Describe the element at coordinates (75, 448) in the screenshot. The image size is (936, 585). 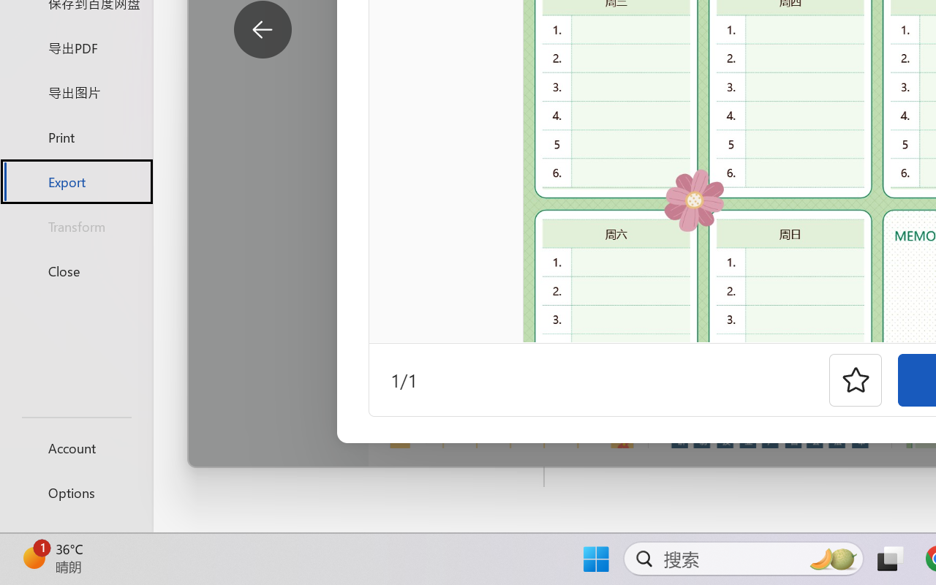
I see `'Account'` at that location.